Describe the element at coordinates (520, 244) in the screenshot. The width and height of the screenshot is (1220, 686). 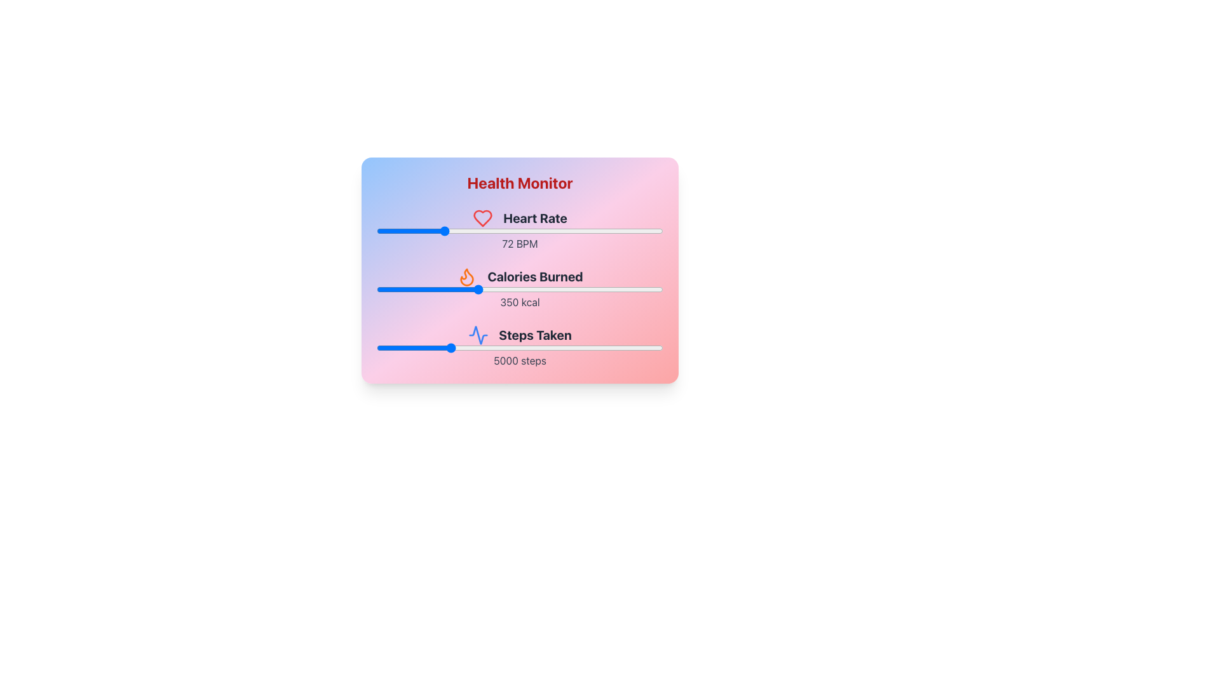
I see `the text element displaying '72 BPM' that is styled in gray and located below the 'Heart Rate' slider` at that location.